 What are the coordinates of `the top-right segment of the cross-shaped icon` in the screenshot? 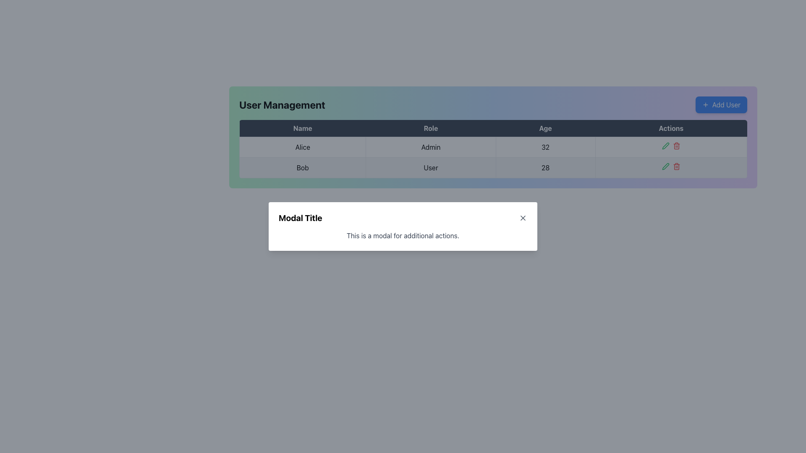 It's located at (522, 218).